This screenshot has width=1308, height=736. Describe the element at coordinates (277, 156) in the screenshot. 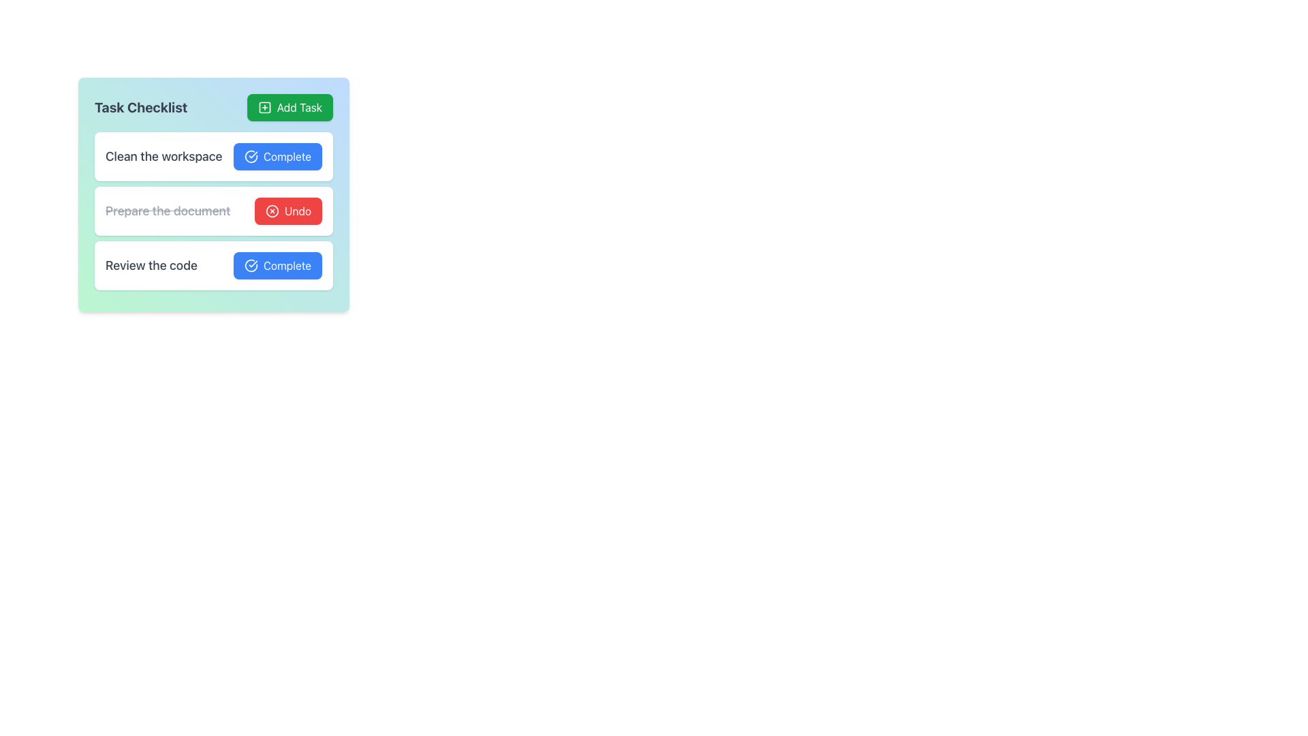

I see `the blue button labeled 'Complete' with a checkmark icon to mark the task 'Clean the workspace' as complete` at that location.